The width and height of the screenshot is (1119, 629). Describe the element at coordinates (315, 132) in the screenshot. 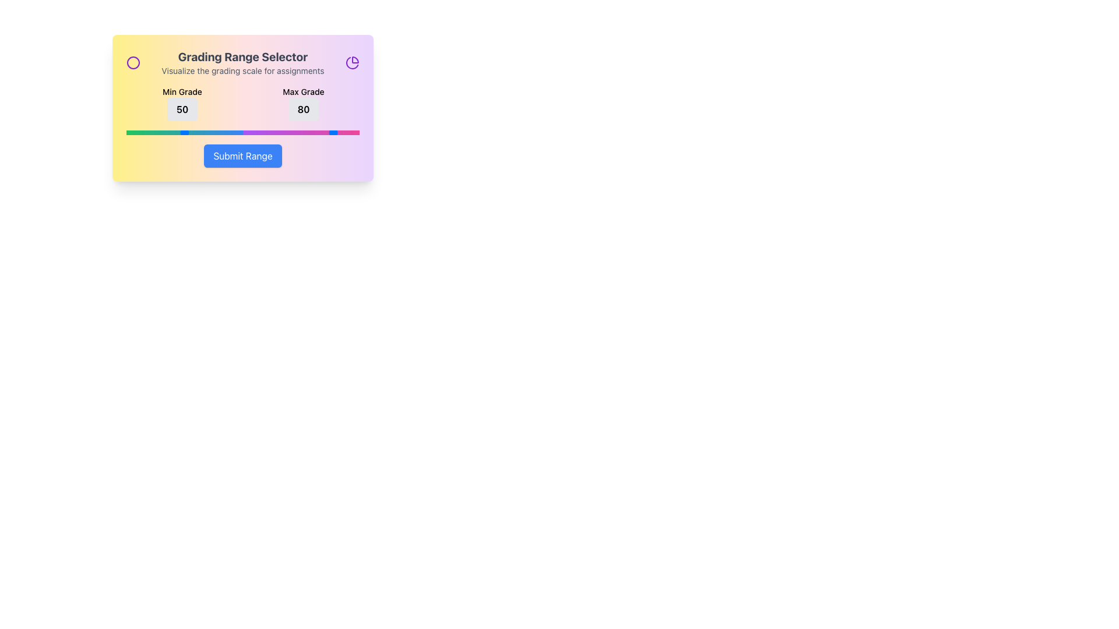

I see `the slider value` at that location.